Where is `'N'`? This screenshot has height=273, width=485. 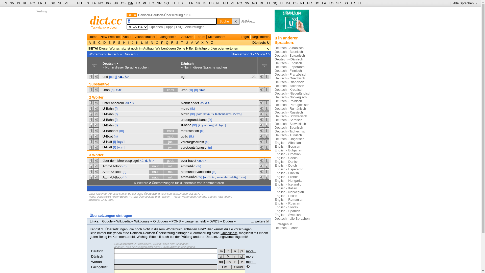 'N' is located at coordinates (152, 42).